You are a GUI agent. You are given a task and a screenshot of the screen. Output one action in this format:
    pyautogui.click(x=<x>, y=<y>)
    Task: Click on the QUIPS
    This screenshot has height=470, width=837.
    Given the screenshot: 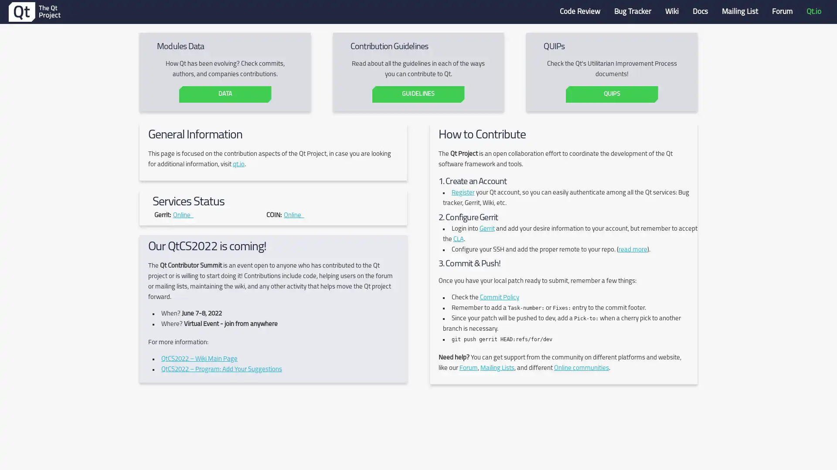 What is the action you would take?
    pyautogui.click(x=611, y=94)
    